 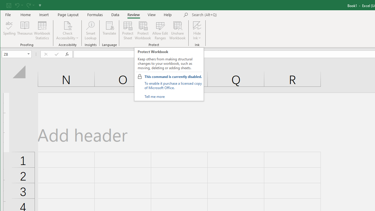 What do you see at coordinates (115, 14) in the screenshot?
I see `'Data'` at bounding box center [115, 14].